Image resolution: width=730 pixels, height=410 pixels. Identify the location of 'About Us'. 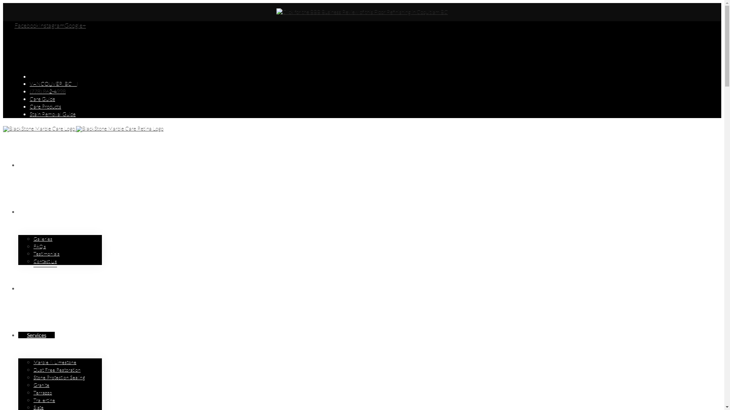
(37, 211).